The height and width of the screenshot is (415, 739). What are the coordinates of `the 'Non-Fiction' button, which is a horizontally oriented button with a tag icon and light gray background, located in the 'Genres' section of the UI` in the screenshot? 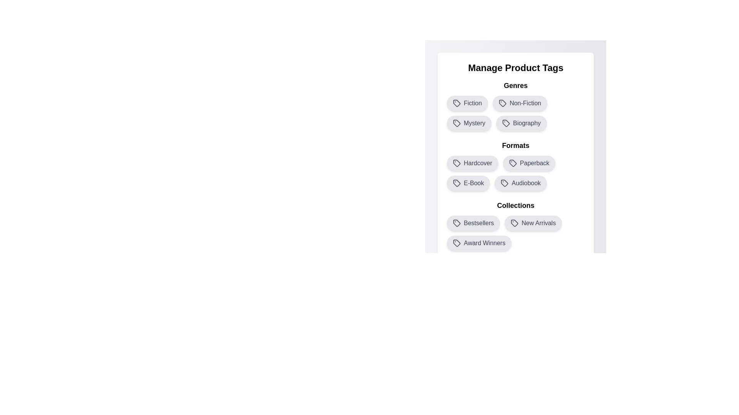 It's located at (520, 103).